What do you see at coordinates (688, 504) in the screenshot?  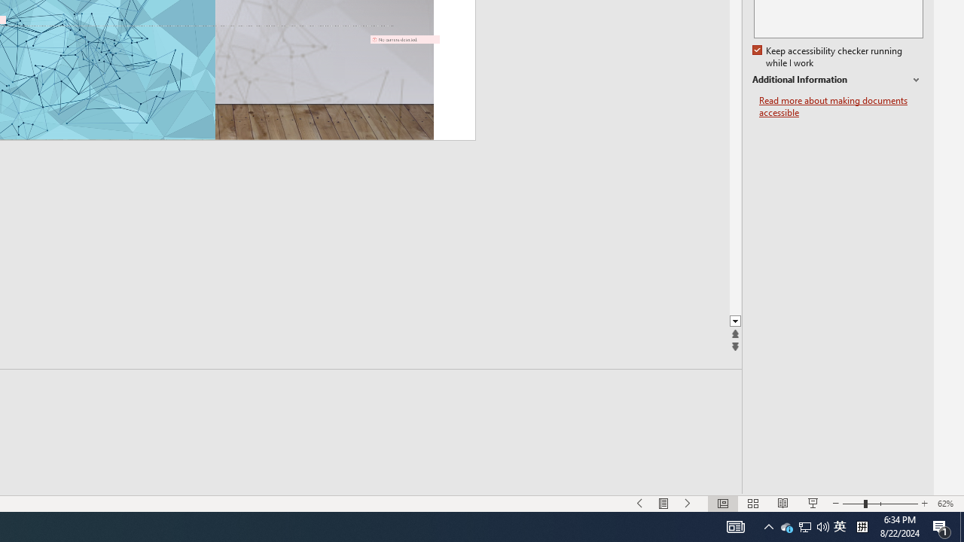 I see `'Slide Show Next On'` at bounding box center [688, 504].